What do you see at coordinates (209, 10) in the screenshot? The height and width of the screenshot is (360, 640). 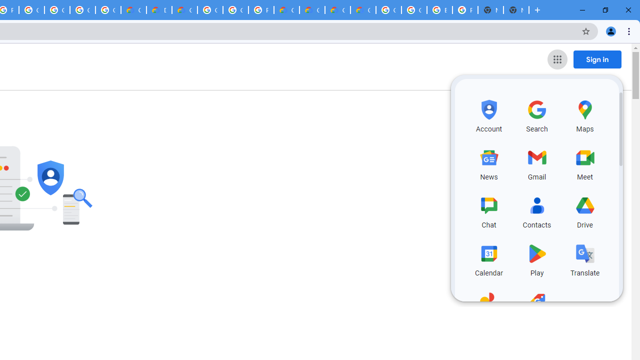 I see `'Google Cloud Platform'` at bounding box center [209, 10].